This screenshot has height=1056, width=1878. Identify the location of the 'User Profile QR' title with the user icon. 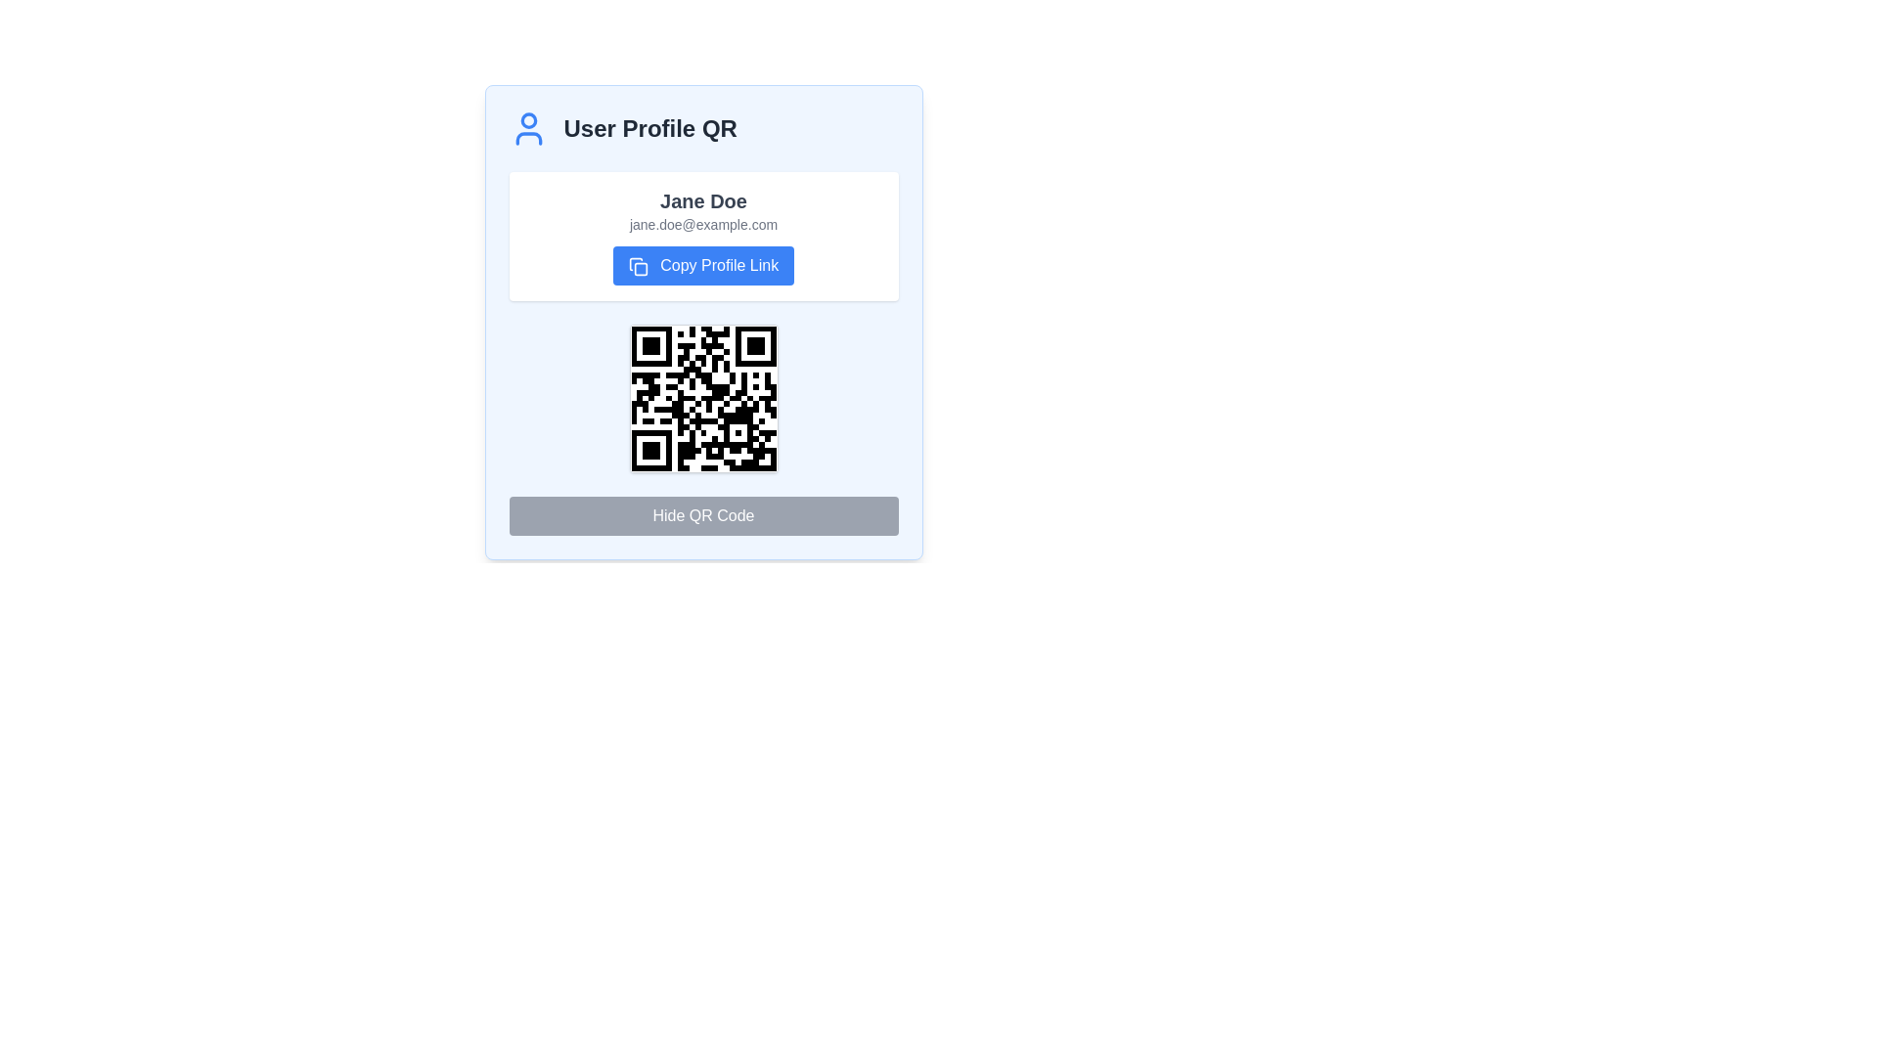
(703, 128).